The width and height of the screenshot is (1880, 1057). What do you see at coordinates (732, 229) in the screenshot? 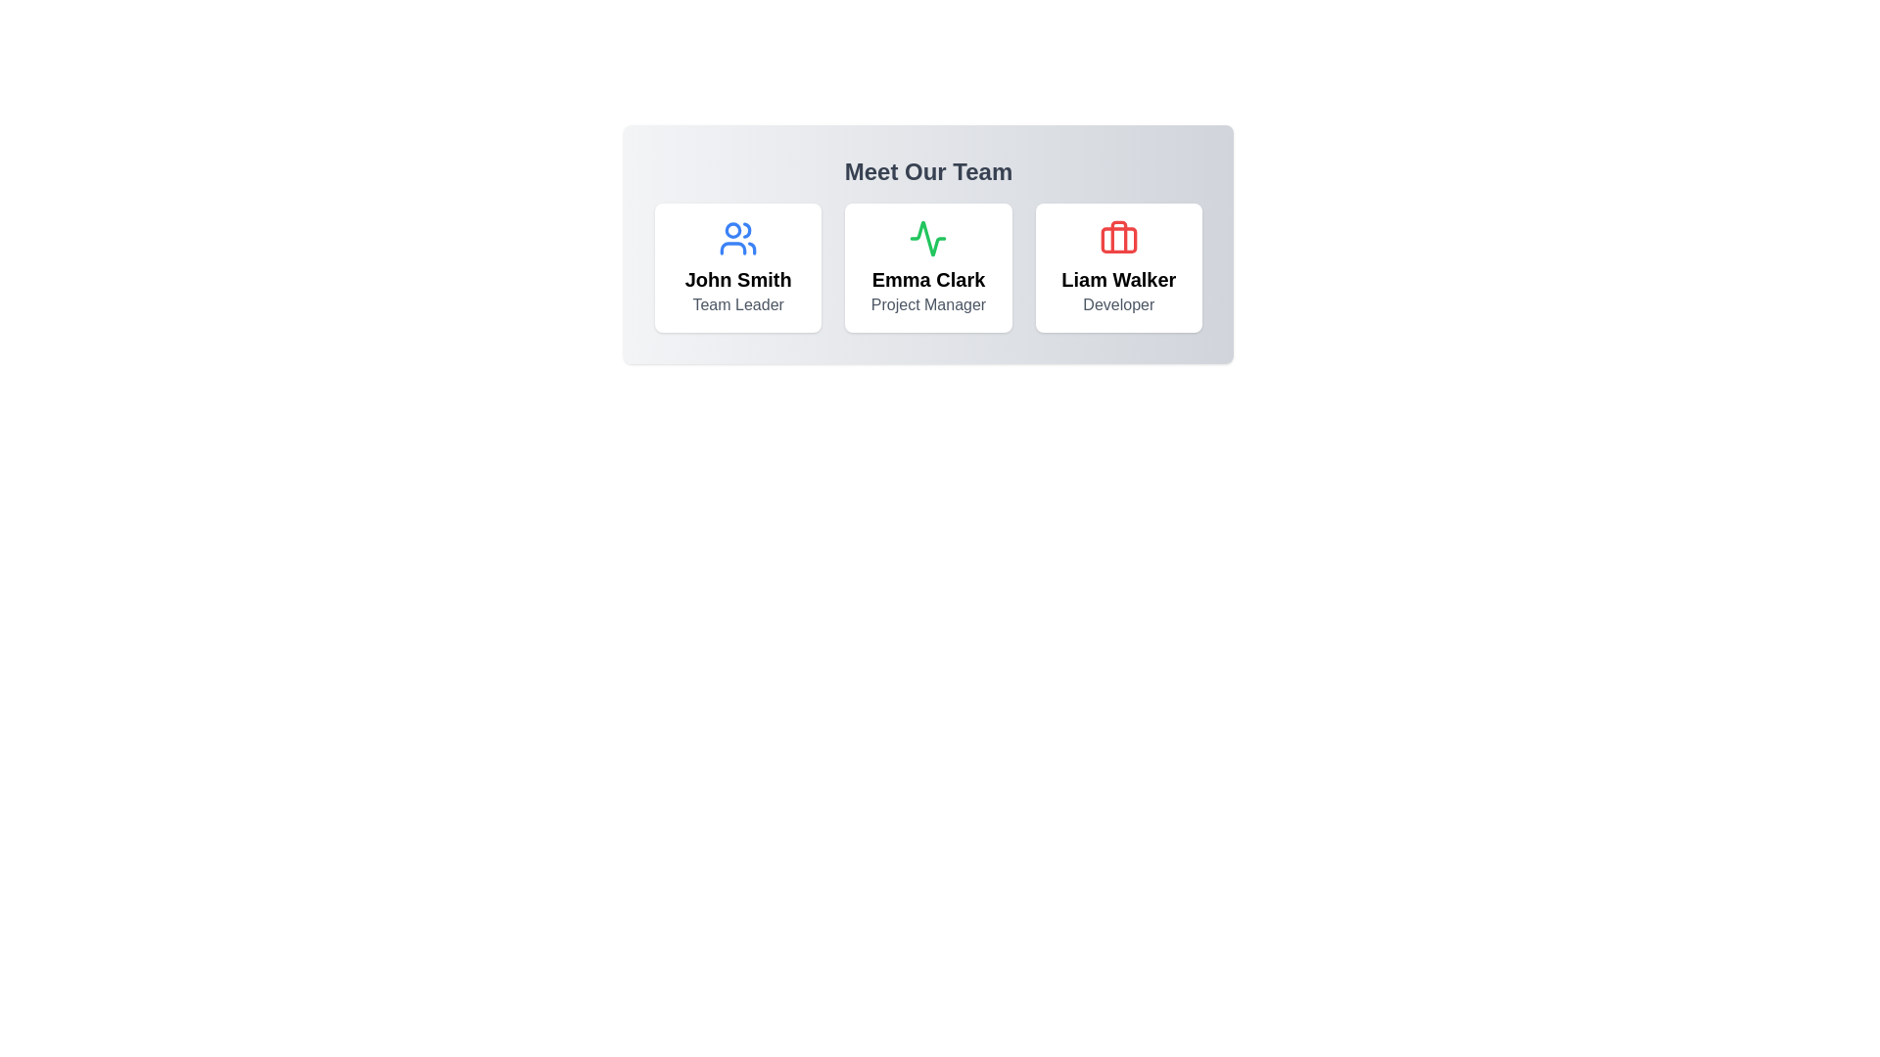
I see `the small blue circular icon representing the leftmost person in the group illustration, located above the text 'John Smith' and 'Team Leader'` at bounding box center [732, 229].